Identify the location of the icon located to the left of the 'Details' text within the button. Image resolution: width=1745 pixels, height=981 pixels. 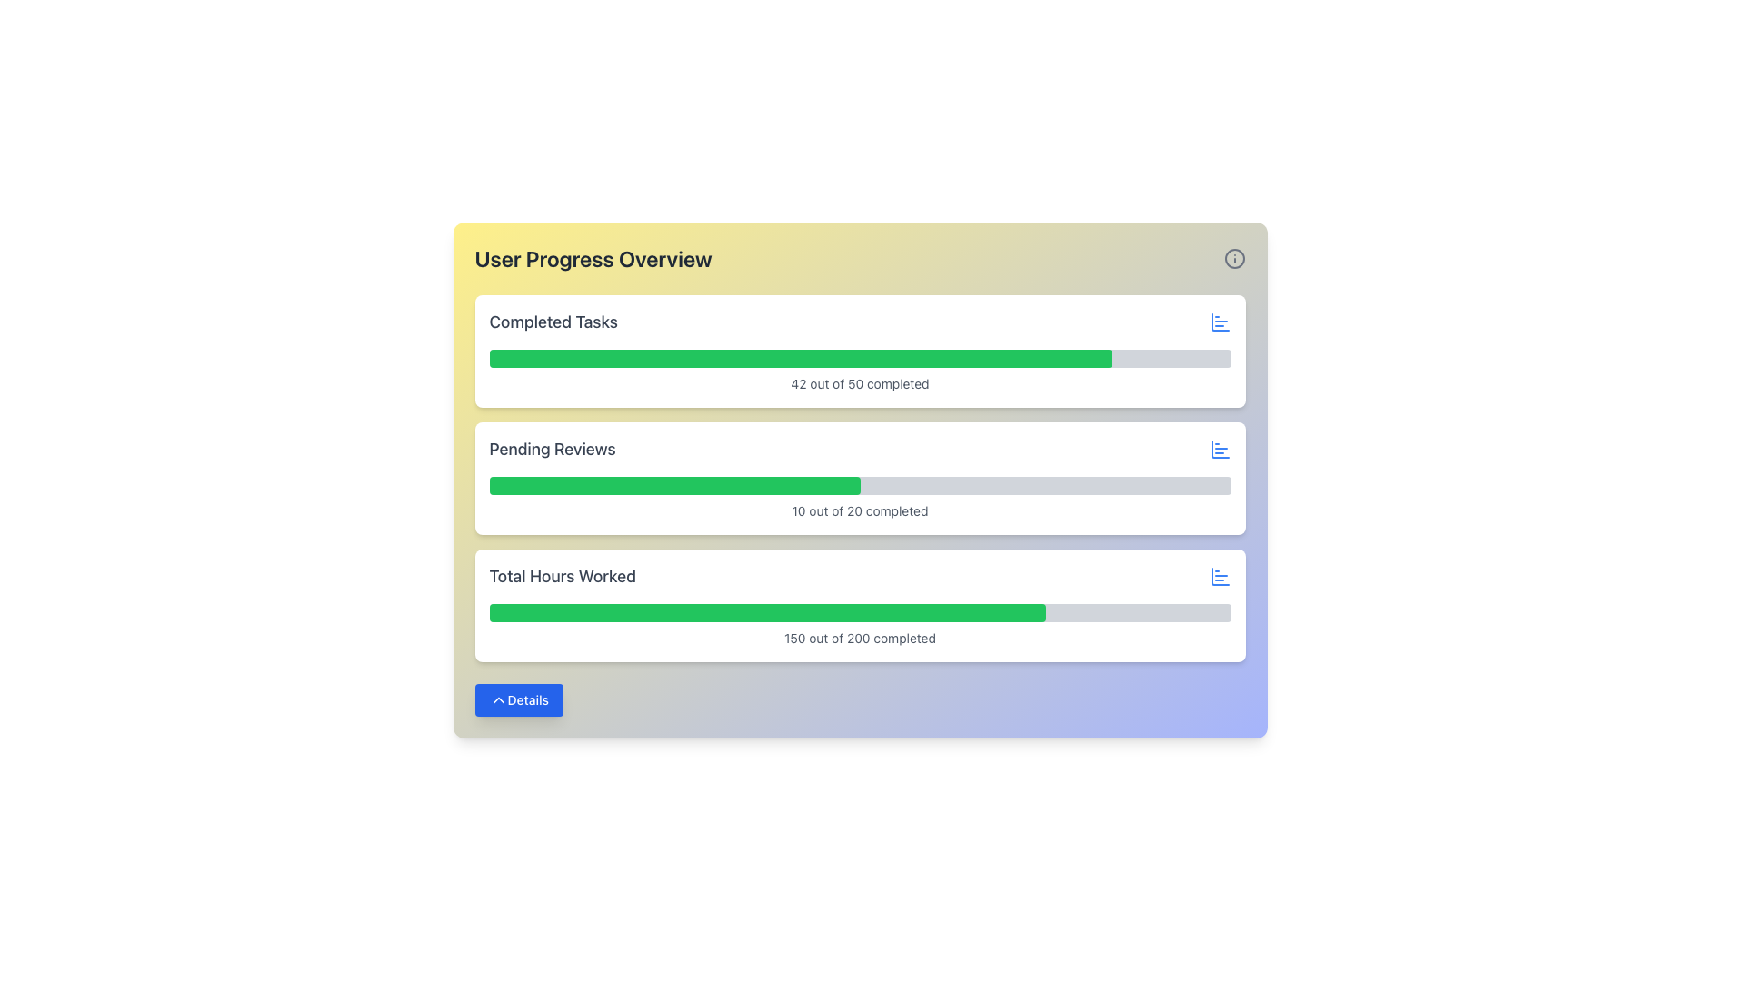
(498, 699).